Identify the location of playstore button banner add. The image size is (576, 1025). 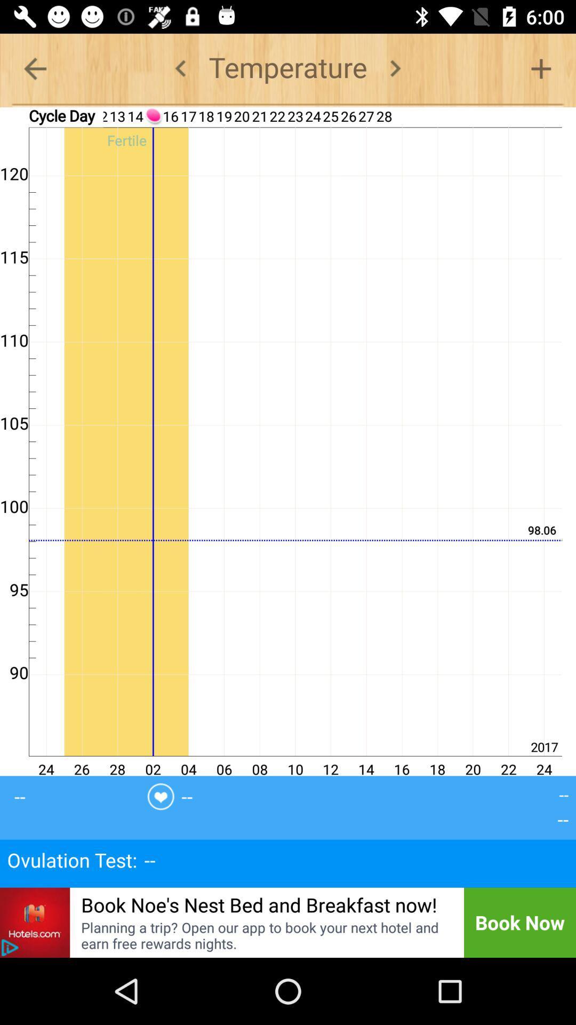
(10, 948).